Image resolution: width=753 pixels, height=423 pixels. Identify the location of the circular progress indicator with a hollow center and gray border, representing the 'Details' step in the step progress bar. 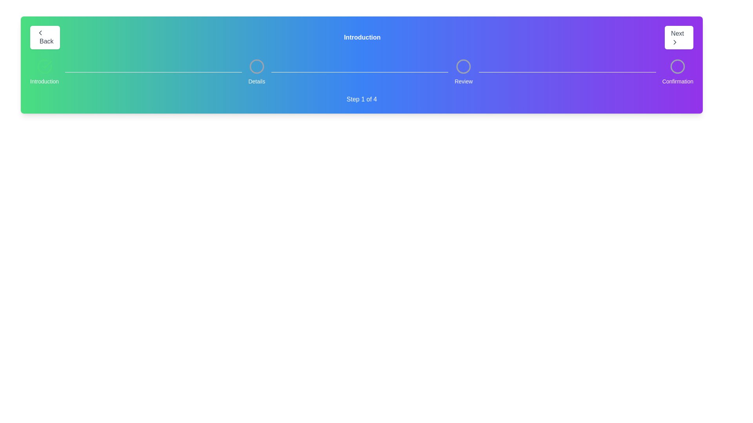
(256, 66).